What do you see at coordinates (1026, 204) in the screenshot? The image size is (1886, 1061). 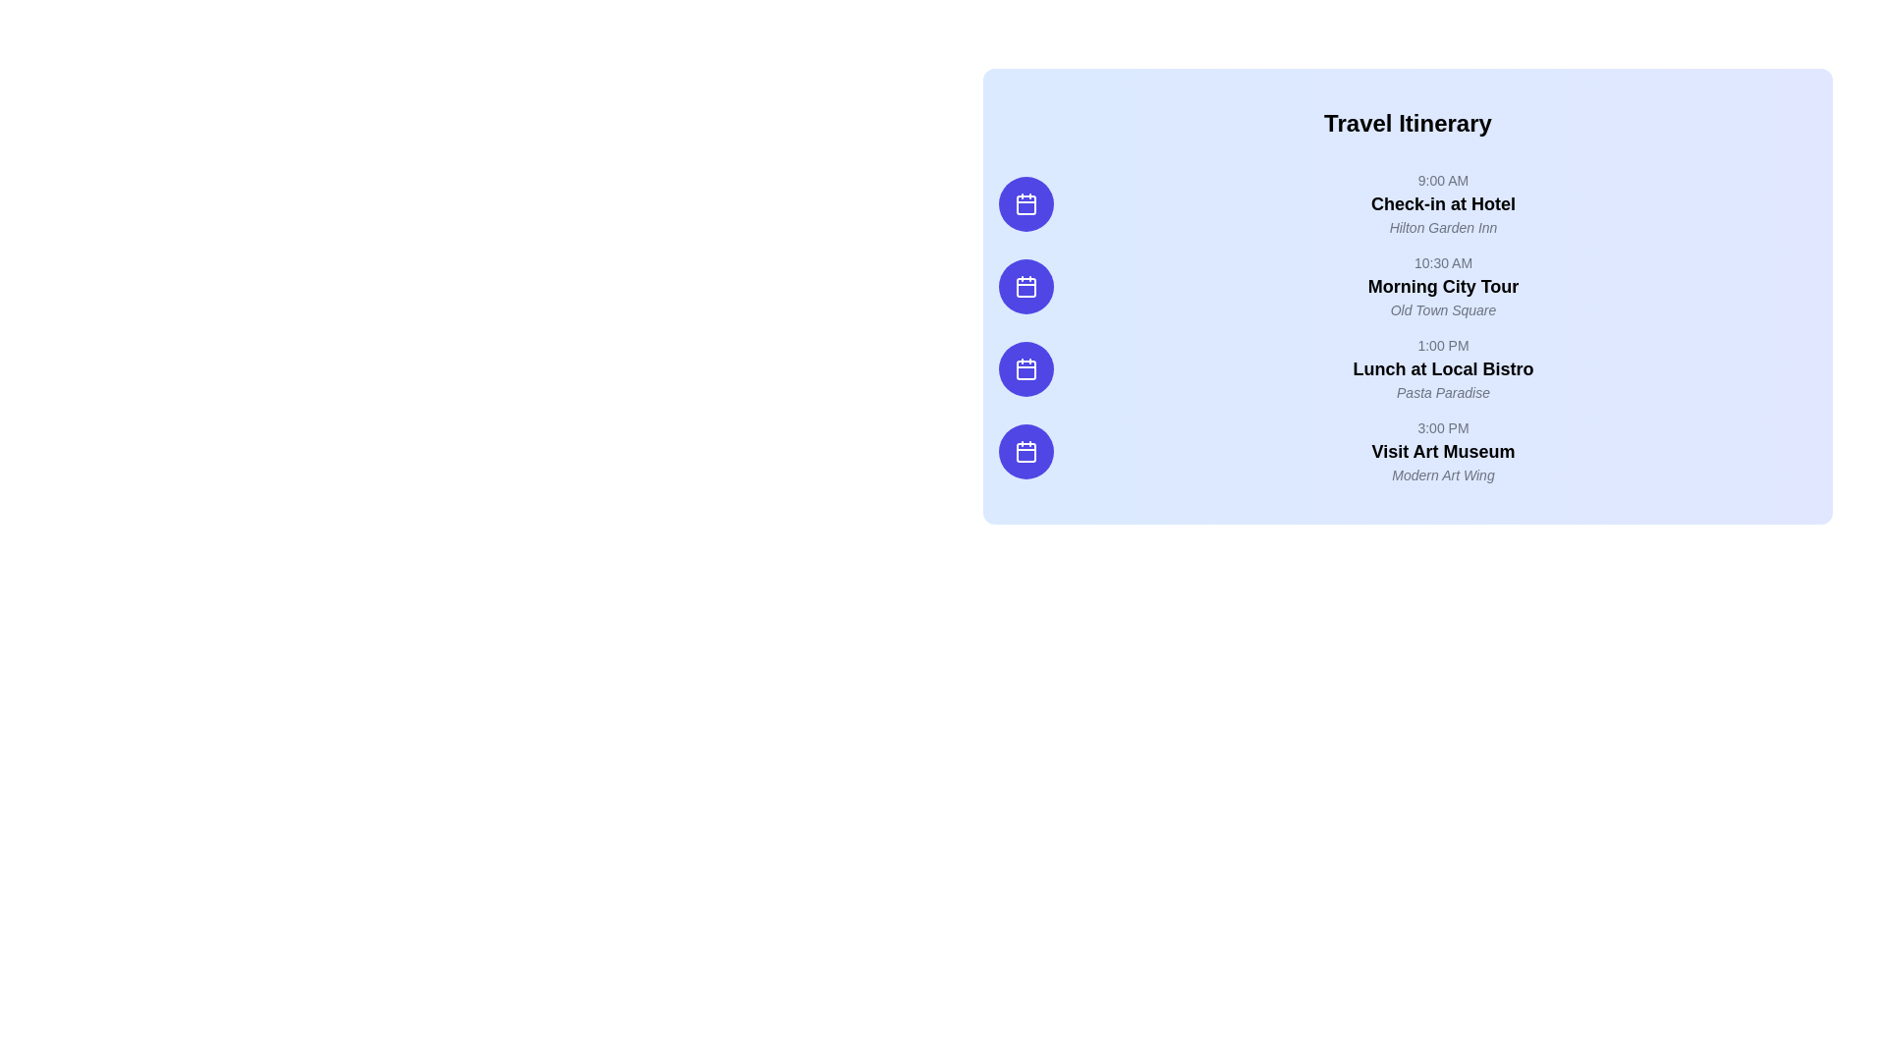 I see `the first circular icon on the left side of the blue panel labeled 'Travel Itinerary', which serves as a visual indicator for scheduling or calendar events` at bounding box center [1026, 204].